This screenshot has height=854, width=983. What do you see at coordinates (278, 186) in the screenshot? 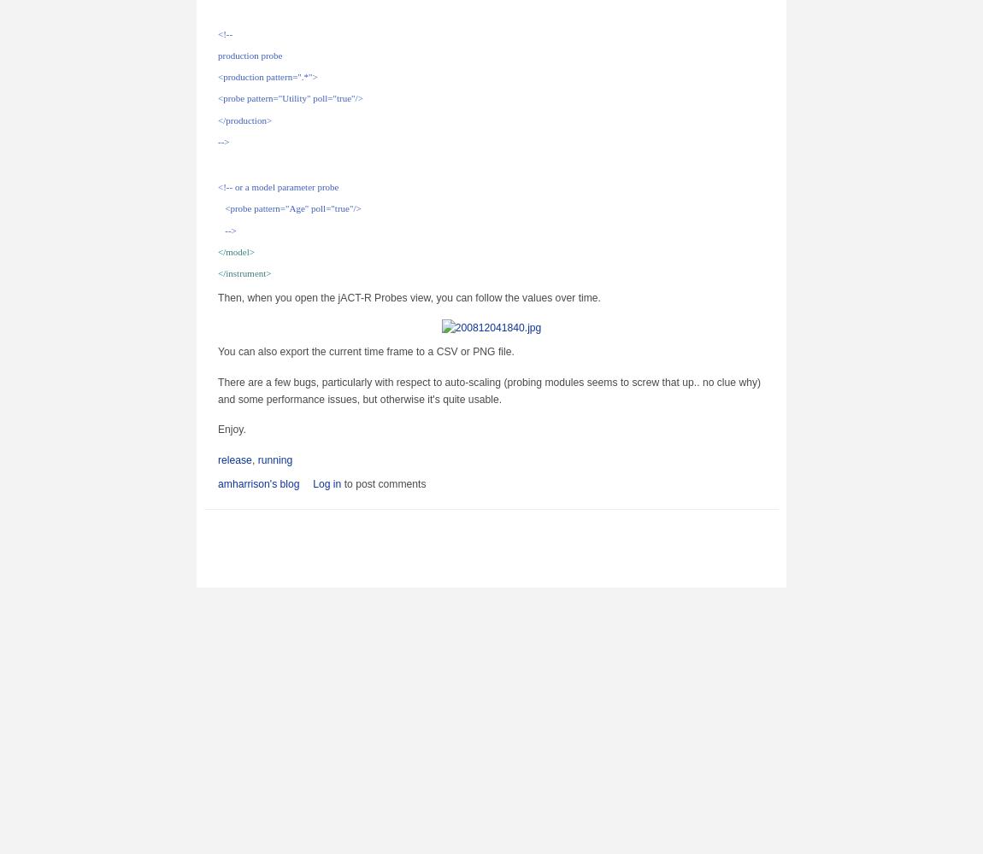
I see `'<!-- or a model parameter probe'` at bounding box center [278, 186].